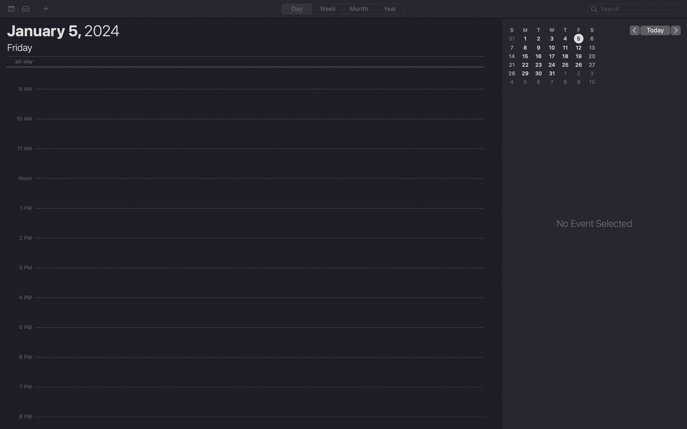  Describe the element at coordinates (525, 38) in the screenshot. I see `the day 1 from the calendar` at that location.